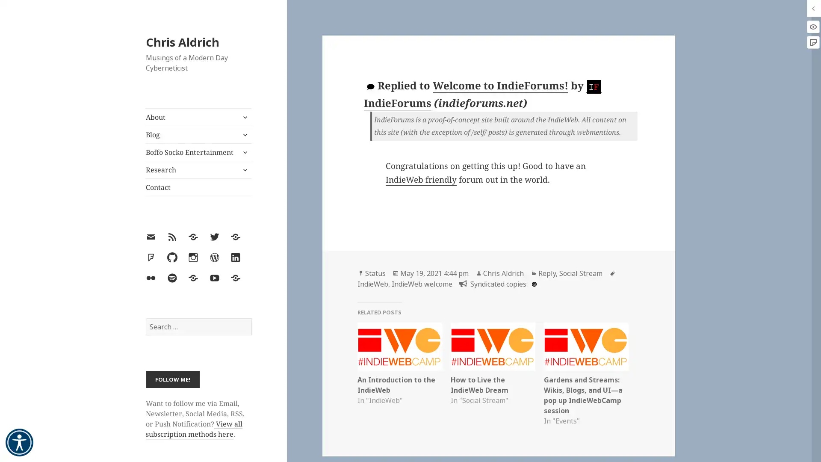 This screenshot has height=462, width=821. Describe the element at coordinates (812, 42) in the screenshot. I see `New page note` at that location.